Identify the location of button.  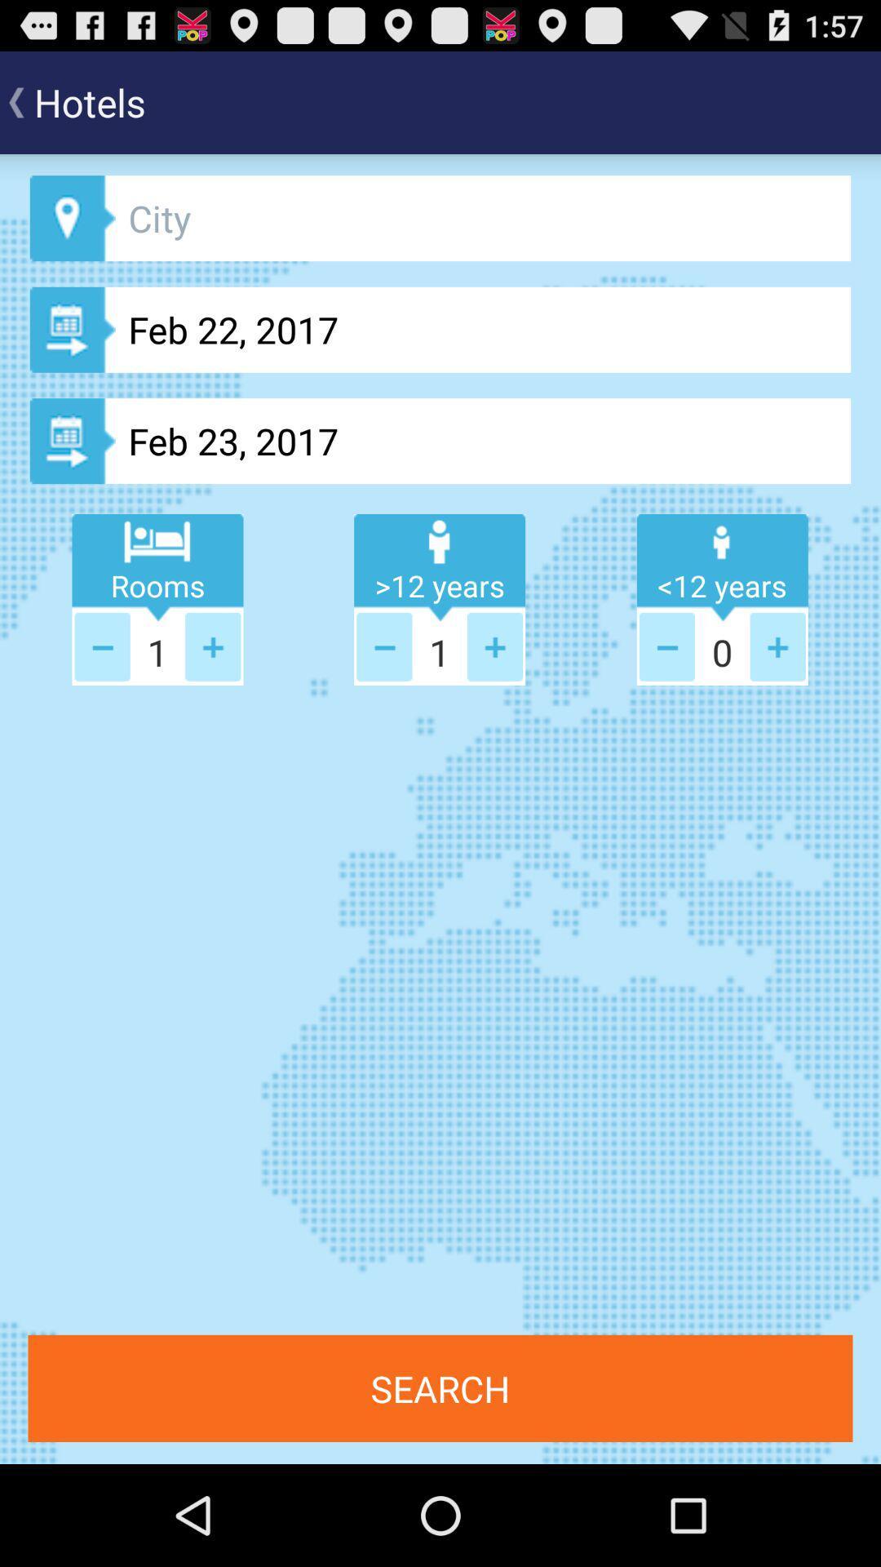
(212, 646).